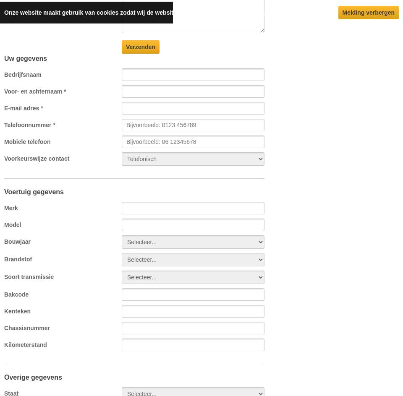 This screenshot has width=403, height=396. Describe the element at coordinates (25, 344) in the screenshot. I see `'Kilometerstand'` at that location.